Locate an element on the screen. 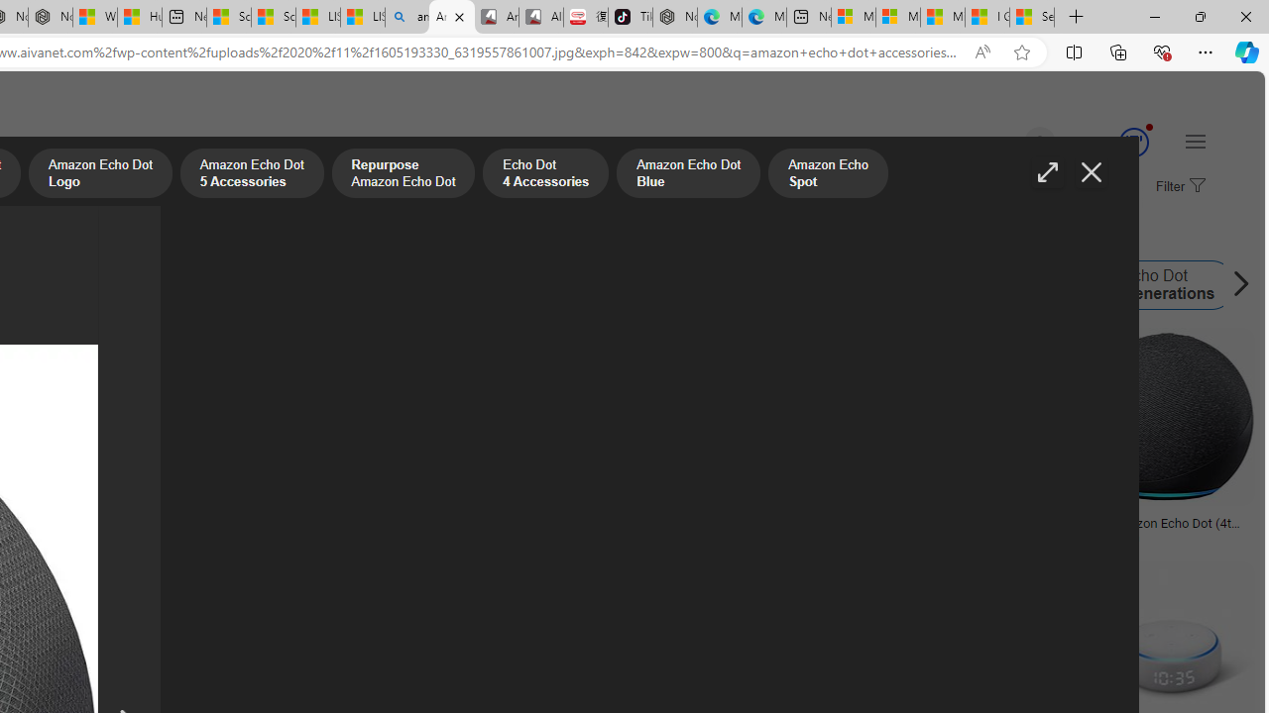 The height and width of the screenshot is (713, 1269). 'Alexa Echo Png Pic Png Arts Images' is located at coordinates (340, 522).